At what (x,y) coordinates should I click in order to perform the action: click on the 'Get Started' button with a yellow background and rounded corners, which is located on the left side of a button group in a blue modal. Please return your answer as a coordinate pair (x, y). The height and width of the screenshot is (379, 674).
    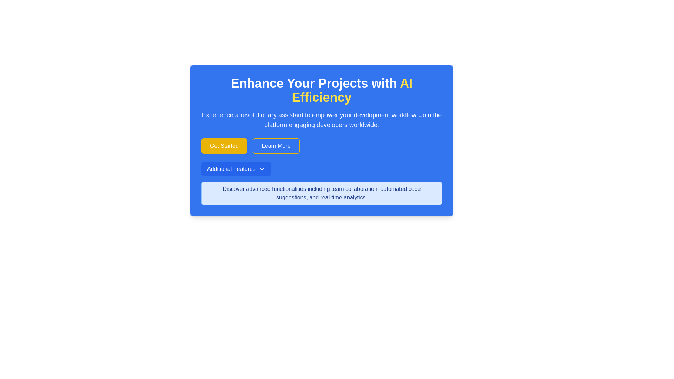
    Looking at the image, I should click on (224, 146).